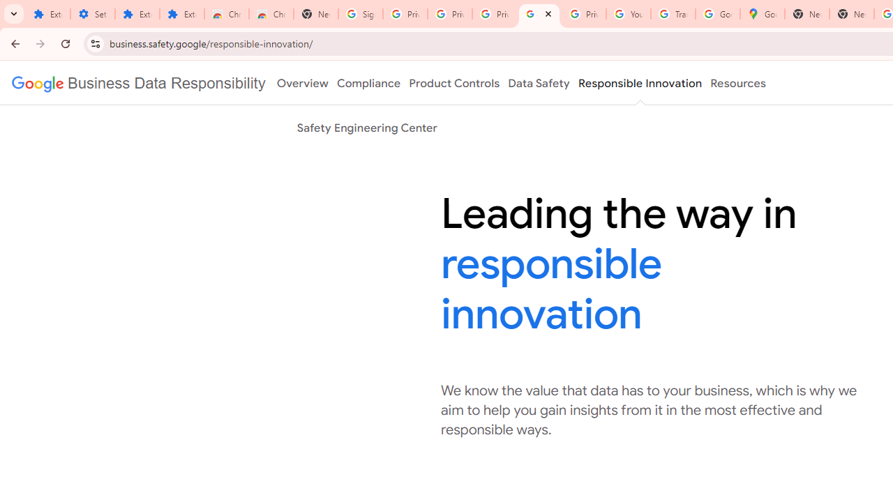  What do you see at coordinates (301, 83) in the screenshot?
I see `'Overview'` at bounding box center [301, 83].